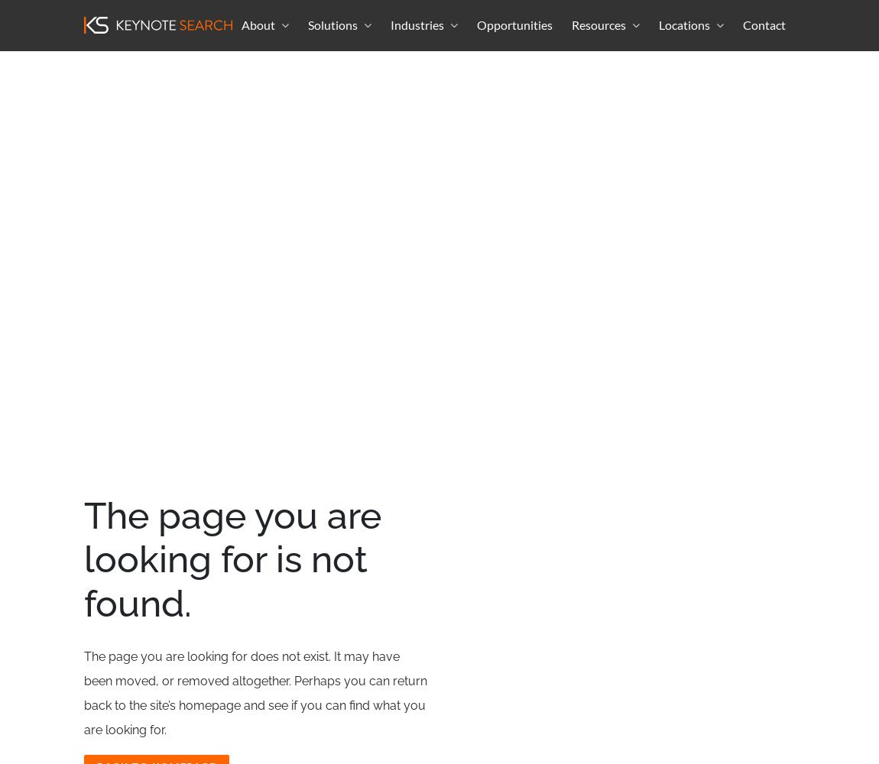  I want to click on 'Real Estate', so click(393, 89).